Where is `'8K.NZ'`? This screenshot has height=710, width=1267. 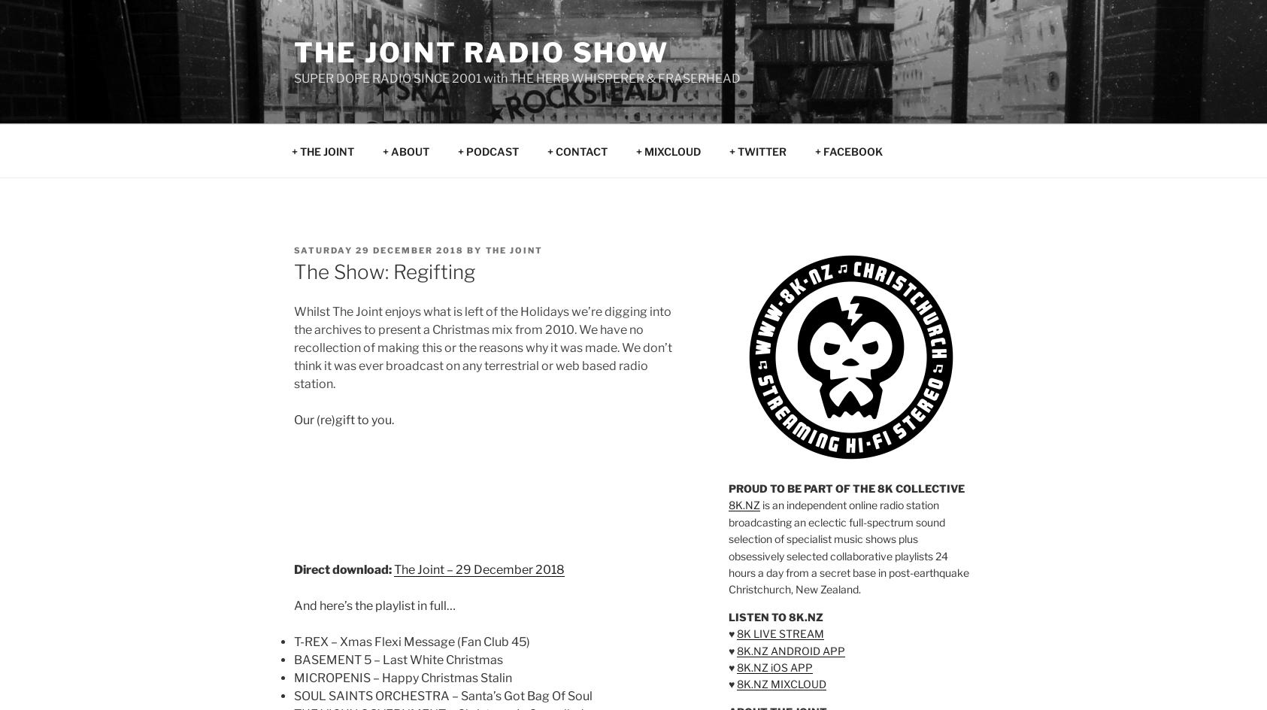
'8K.NZ' is located at coordinates (744, 504).